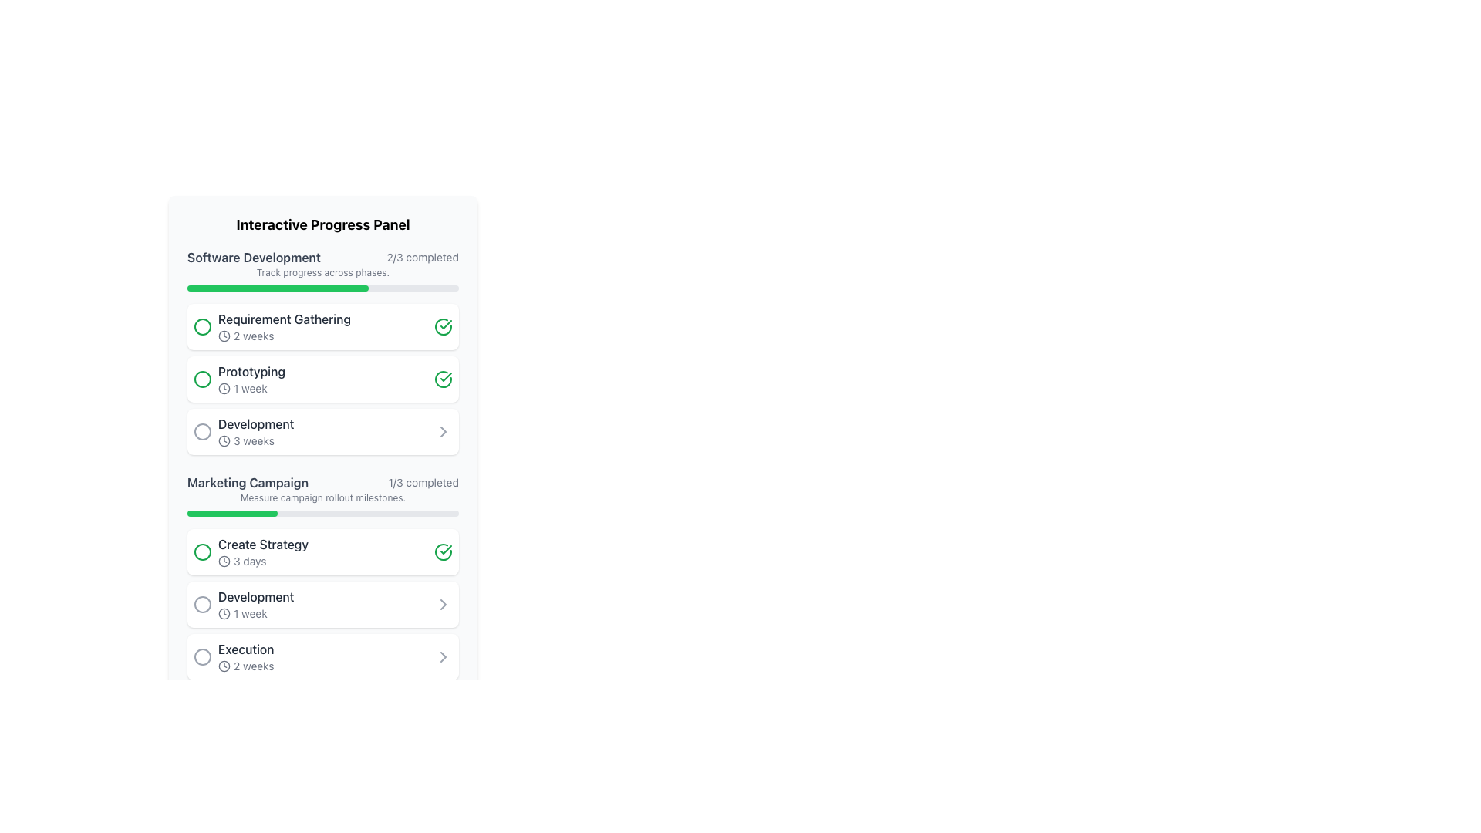 The width and height of the screenshot is (1481, 833). Describe the element at coordinates (285, 326) in the screenshot. I see `the 'Requirement Gathering' task item in the 'Software Development' section of the 'Interactive Progress Panel'` at that location.